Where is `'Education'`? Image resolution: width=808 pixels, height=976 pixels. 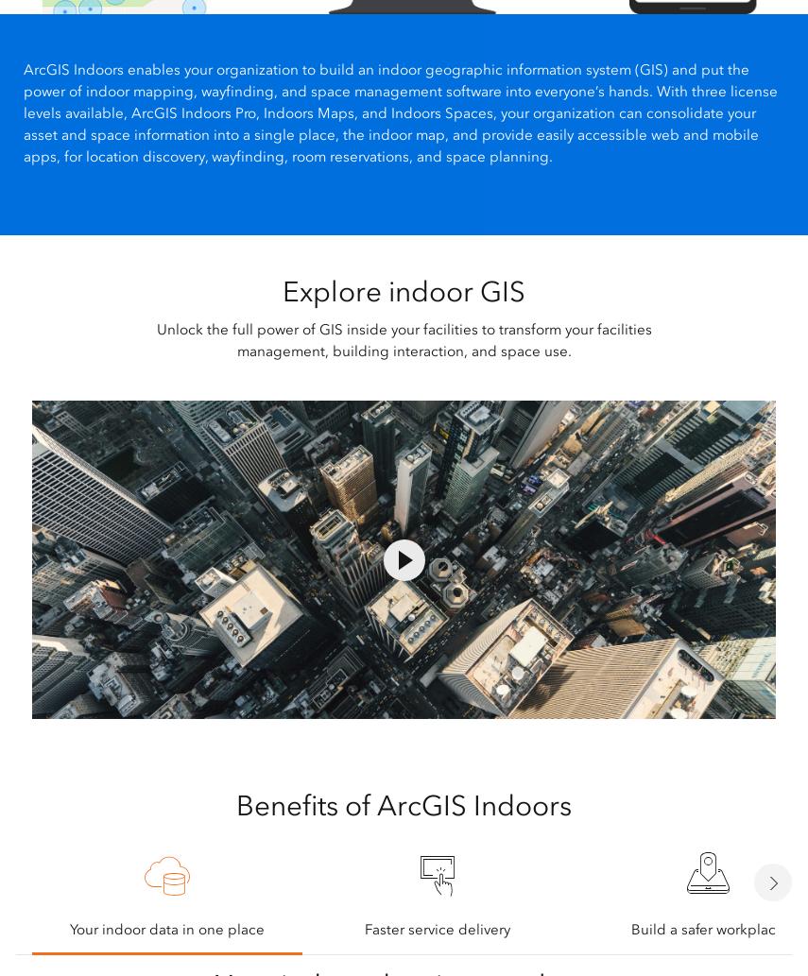
'Education' is located at coordinates (256, 717).